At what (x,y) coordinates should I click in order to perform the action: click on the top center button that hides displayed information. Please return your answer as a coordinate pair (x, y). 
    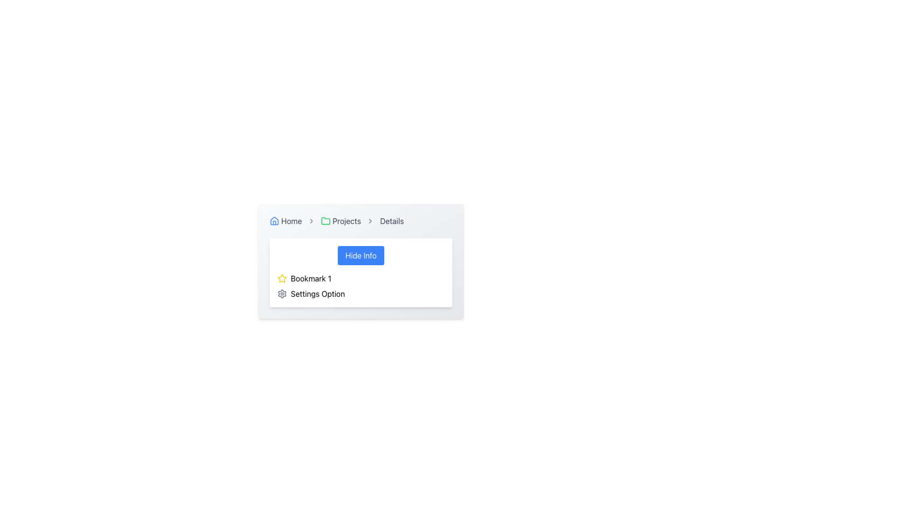
    Looking at the image, I should click on (360, 255).